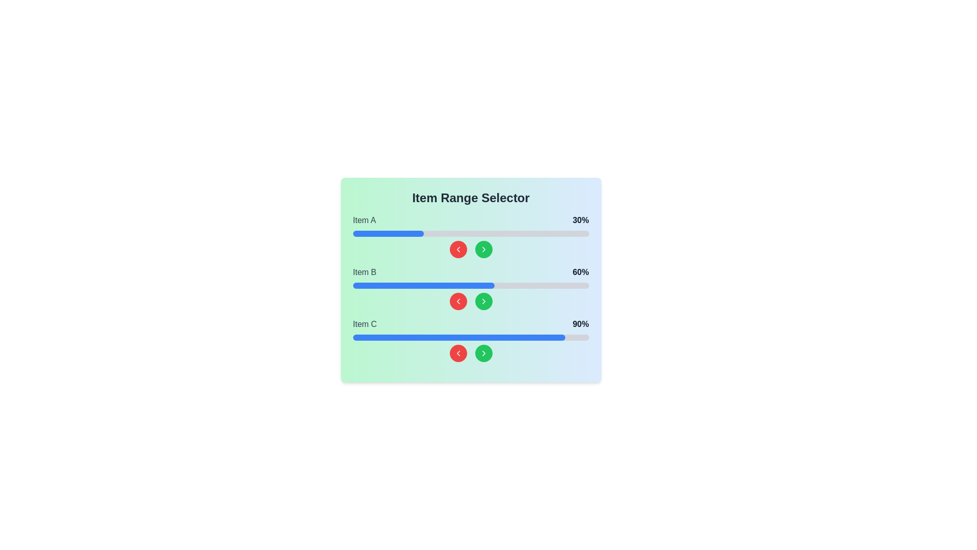 The height and width of the screenshot is (550, 977). Describe the element at coordinates (508, 285) in the screenshot. I see `the slider` at that location.